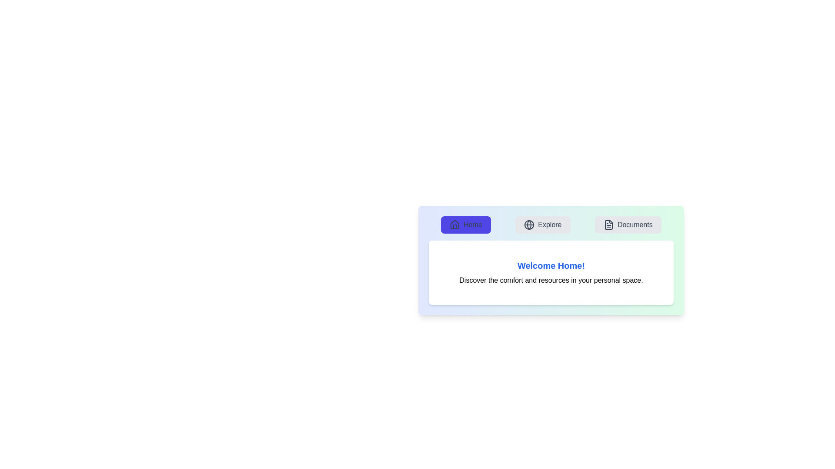 This screenshot has height=469, width=835. I want to click on the Explore tab by clicking the respective button, so click(542, 224).